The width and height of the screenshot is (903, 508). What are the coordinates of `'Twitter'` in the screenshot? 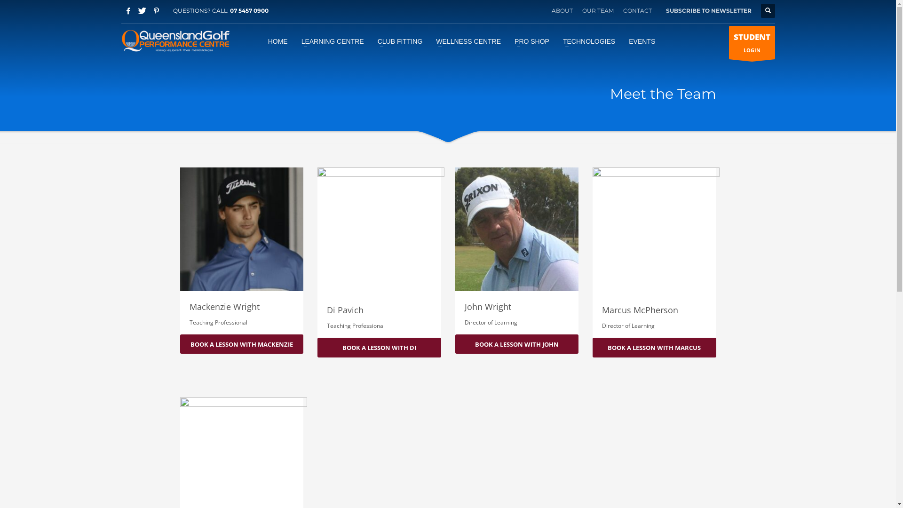 It's located at (142, 11).